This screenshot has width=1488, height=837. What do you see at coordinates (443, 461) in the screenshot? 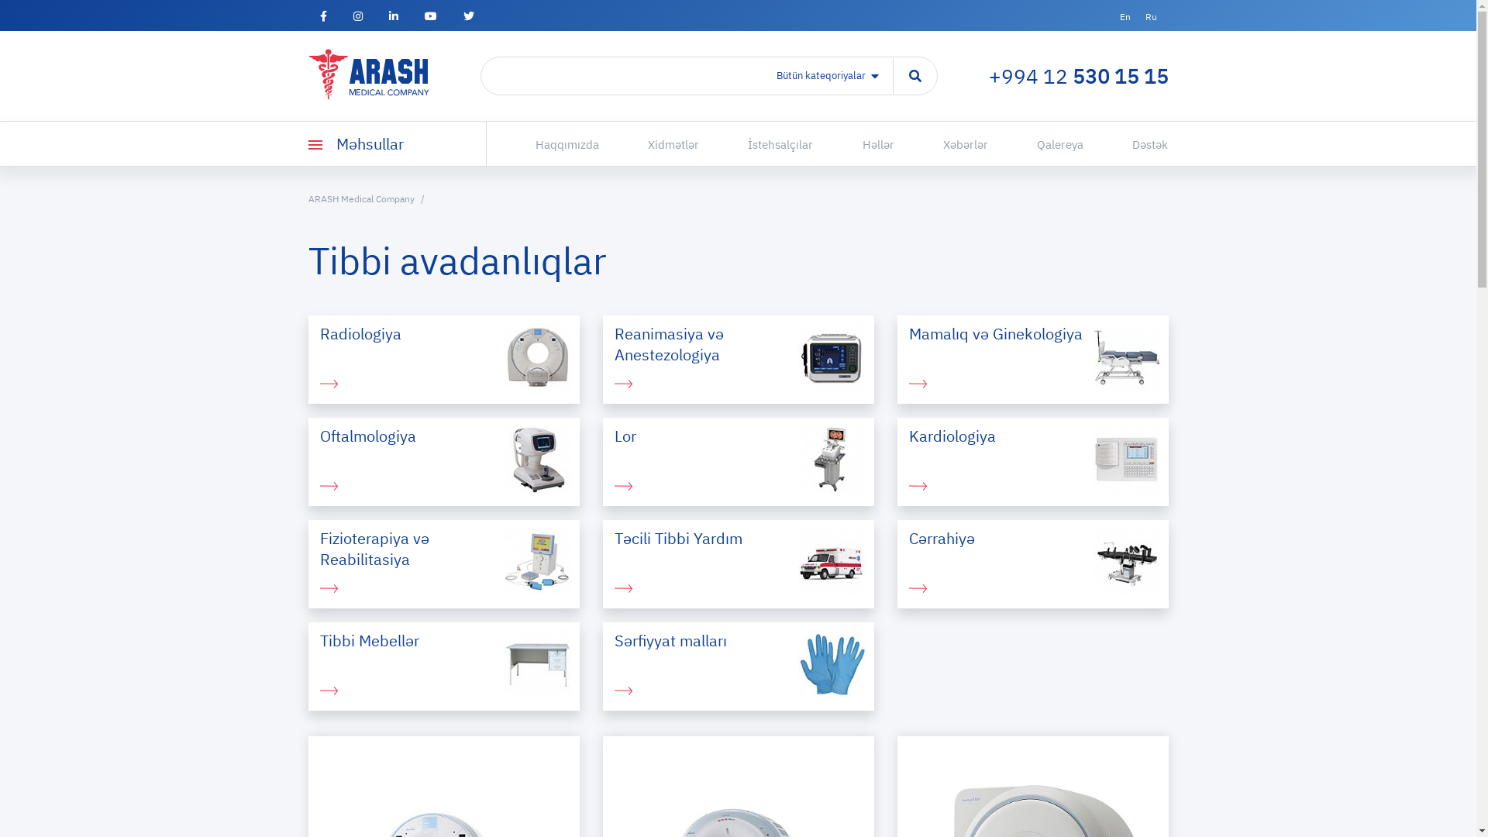
I see `'Oftalmologiya'` at bounding box center [443, 461].